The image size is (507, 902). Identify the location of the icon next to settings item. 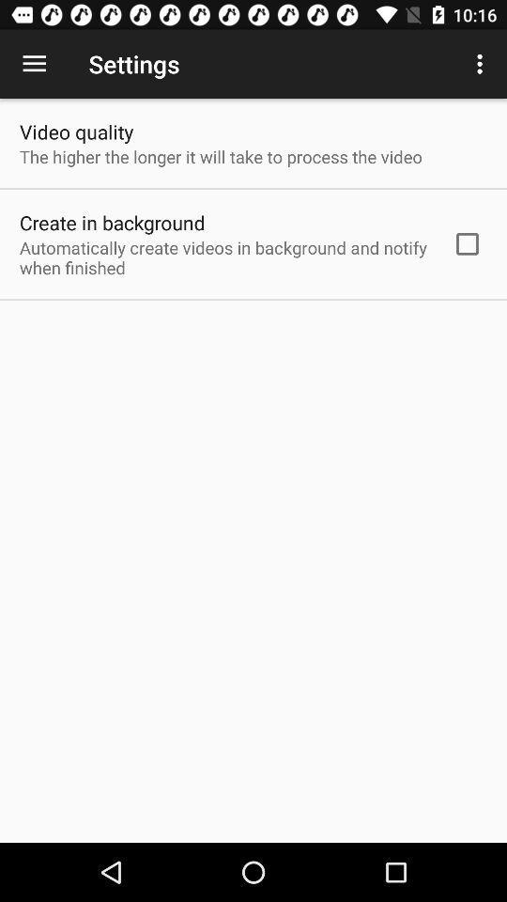
(482, 64).